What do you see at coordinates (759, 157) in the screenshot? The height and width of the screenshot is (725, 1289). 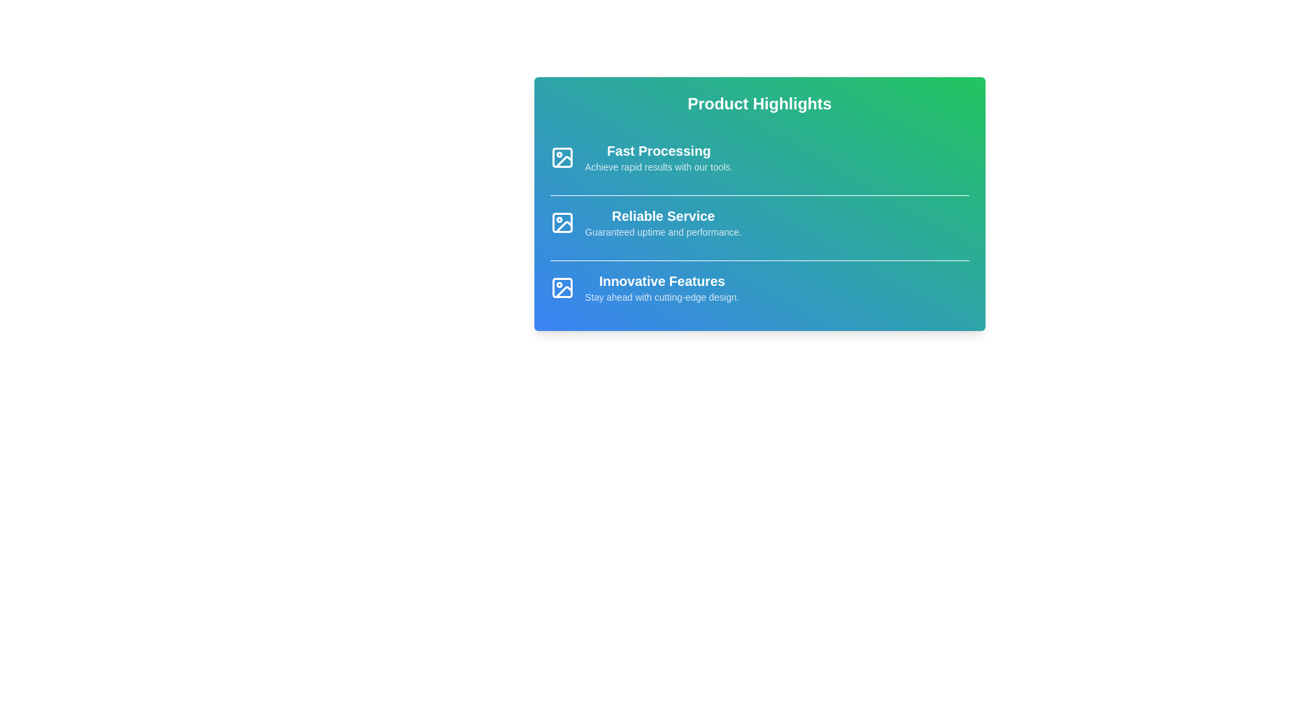 I see `the Information block that emphasizes 'Fast Processing', which is the first item in the vertical list of highlighted features located below the 'Product Highlights' title` at bounding box center [759, 157].